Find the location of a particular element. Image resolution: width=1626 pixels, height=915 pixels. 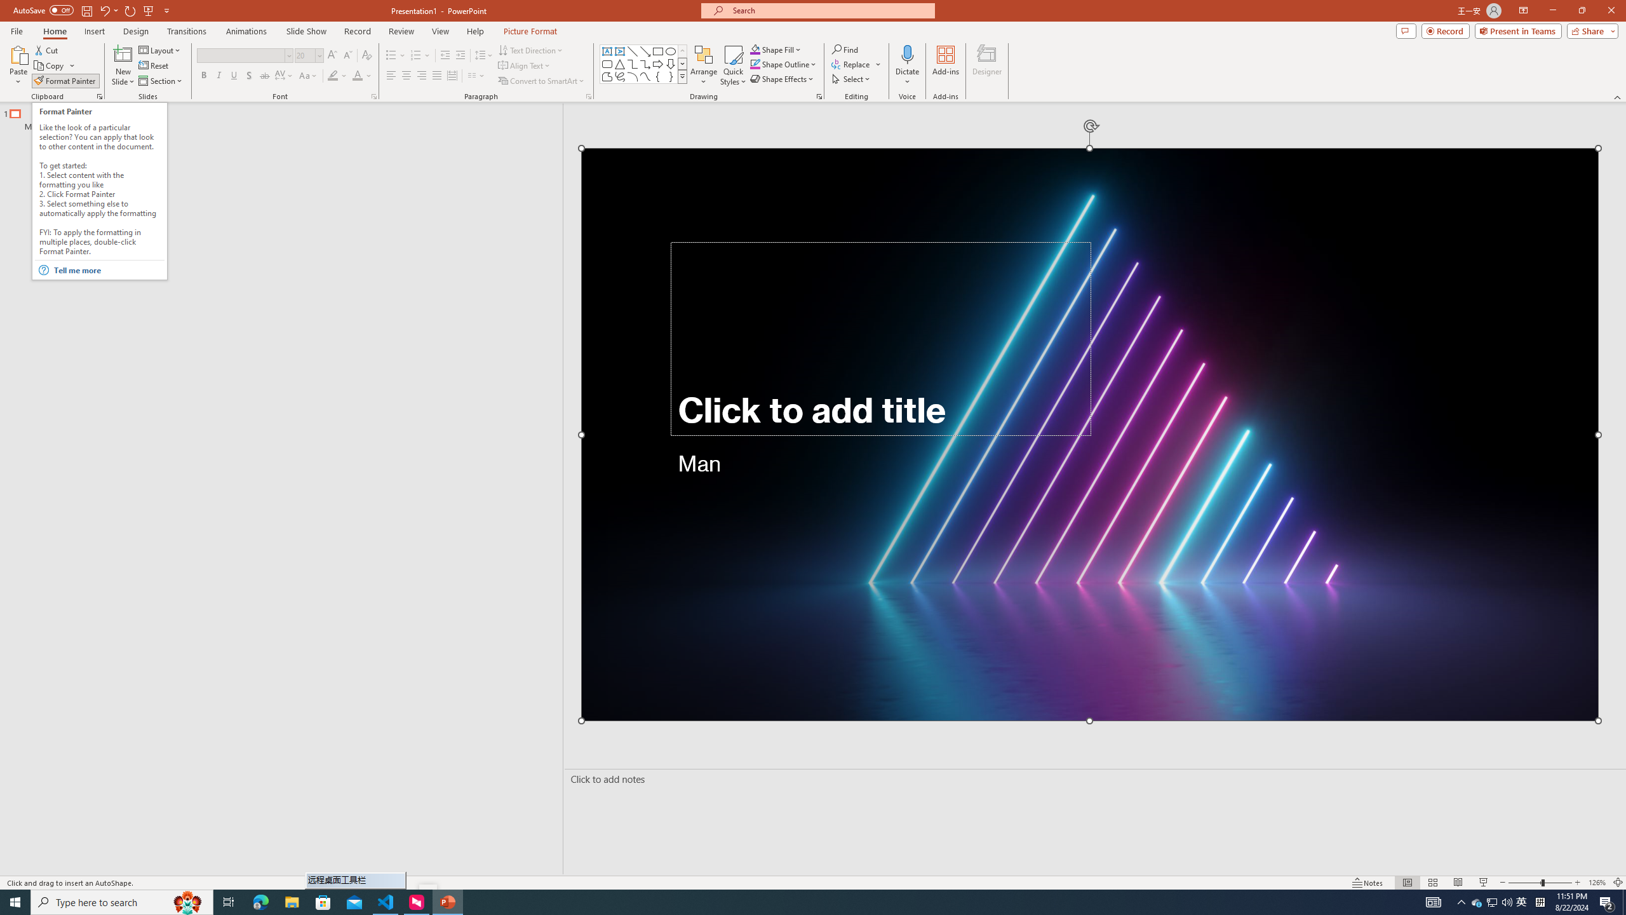

'Section' is located at coordinates (161, 81).